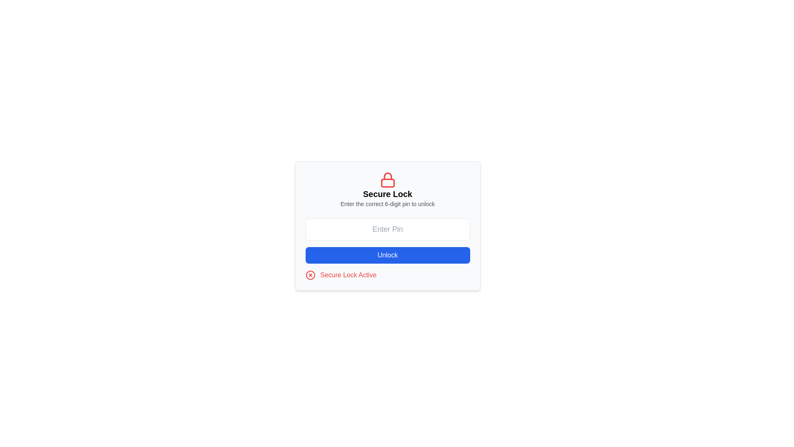  Describe the element at coordinates (387, 190) in the screenshot. I see `the Informational section header that contains a locking icon and provides instructions for entering a 6-digit pin, located above the input field labeled 'Enter Pin'` at that location.